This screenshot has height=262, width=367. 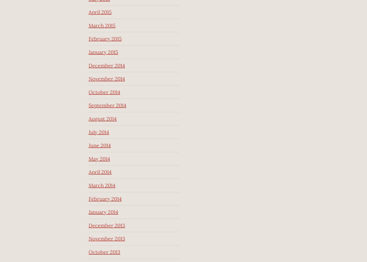 What do you see at coordinates (107, 105) in the screenshot?
I see `'September 2014'` at bounding box center [107, 105].